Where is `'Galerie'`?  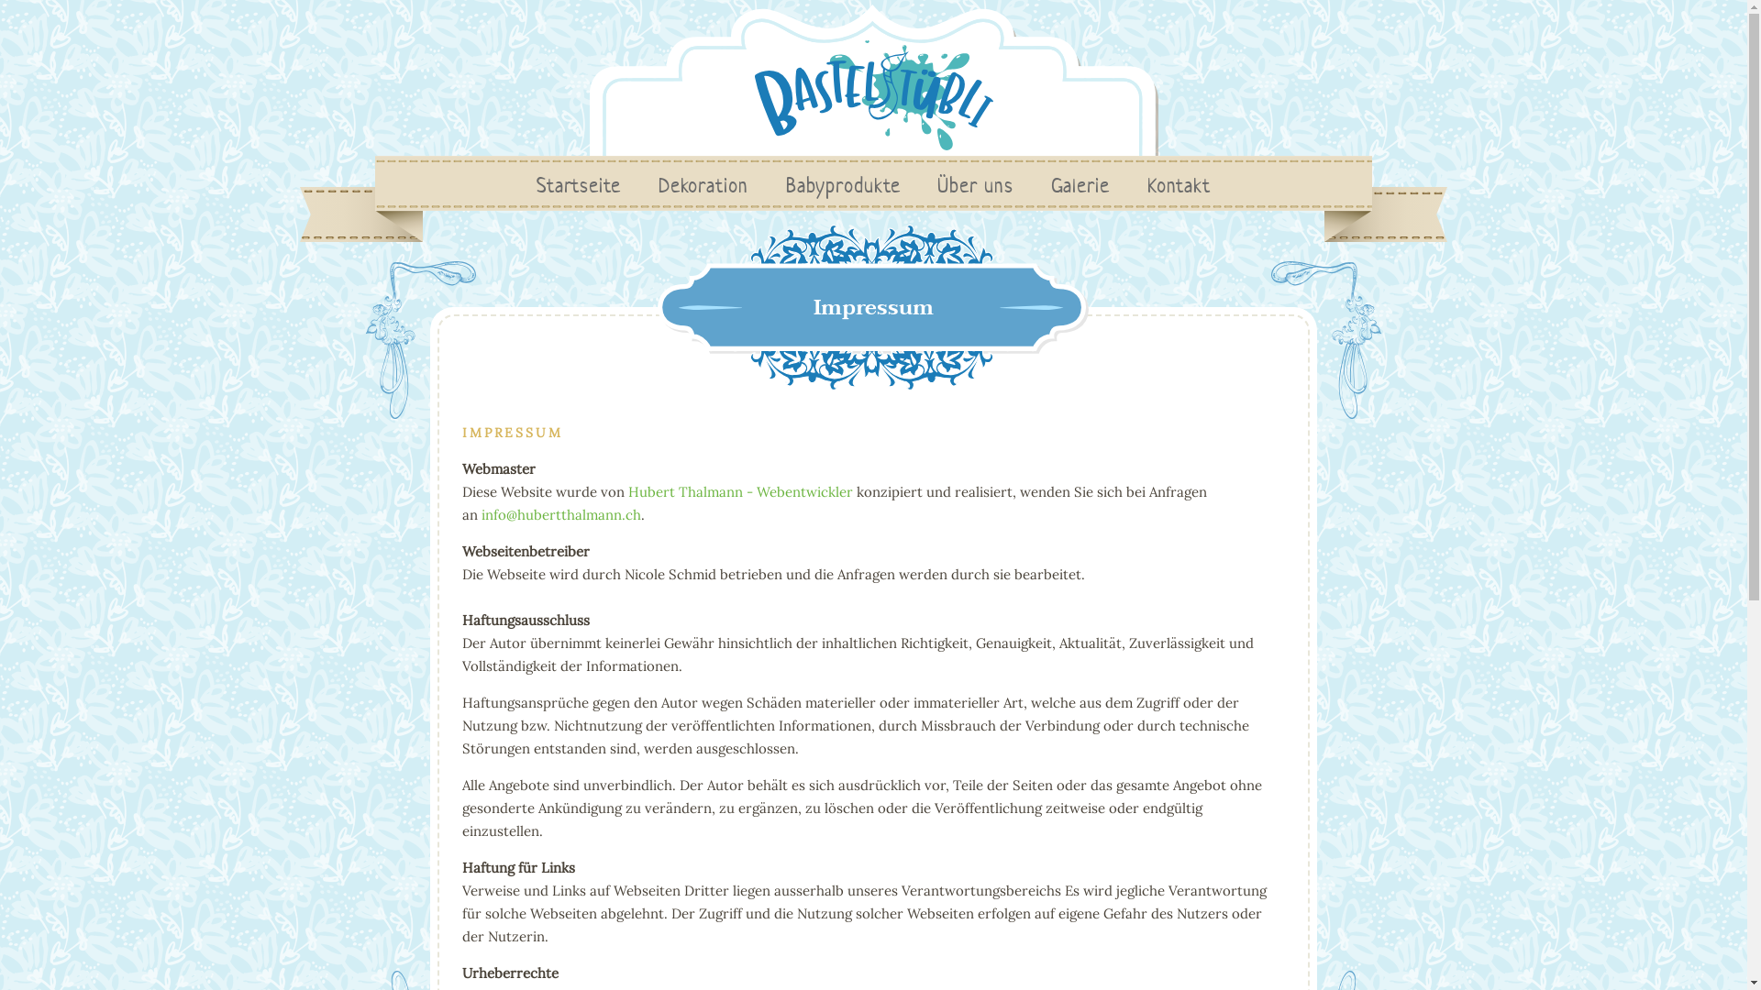 'Galerie' is located at coordinates (1080, 185).